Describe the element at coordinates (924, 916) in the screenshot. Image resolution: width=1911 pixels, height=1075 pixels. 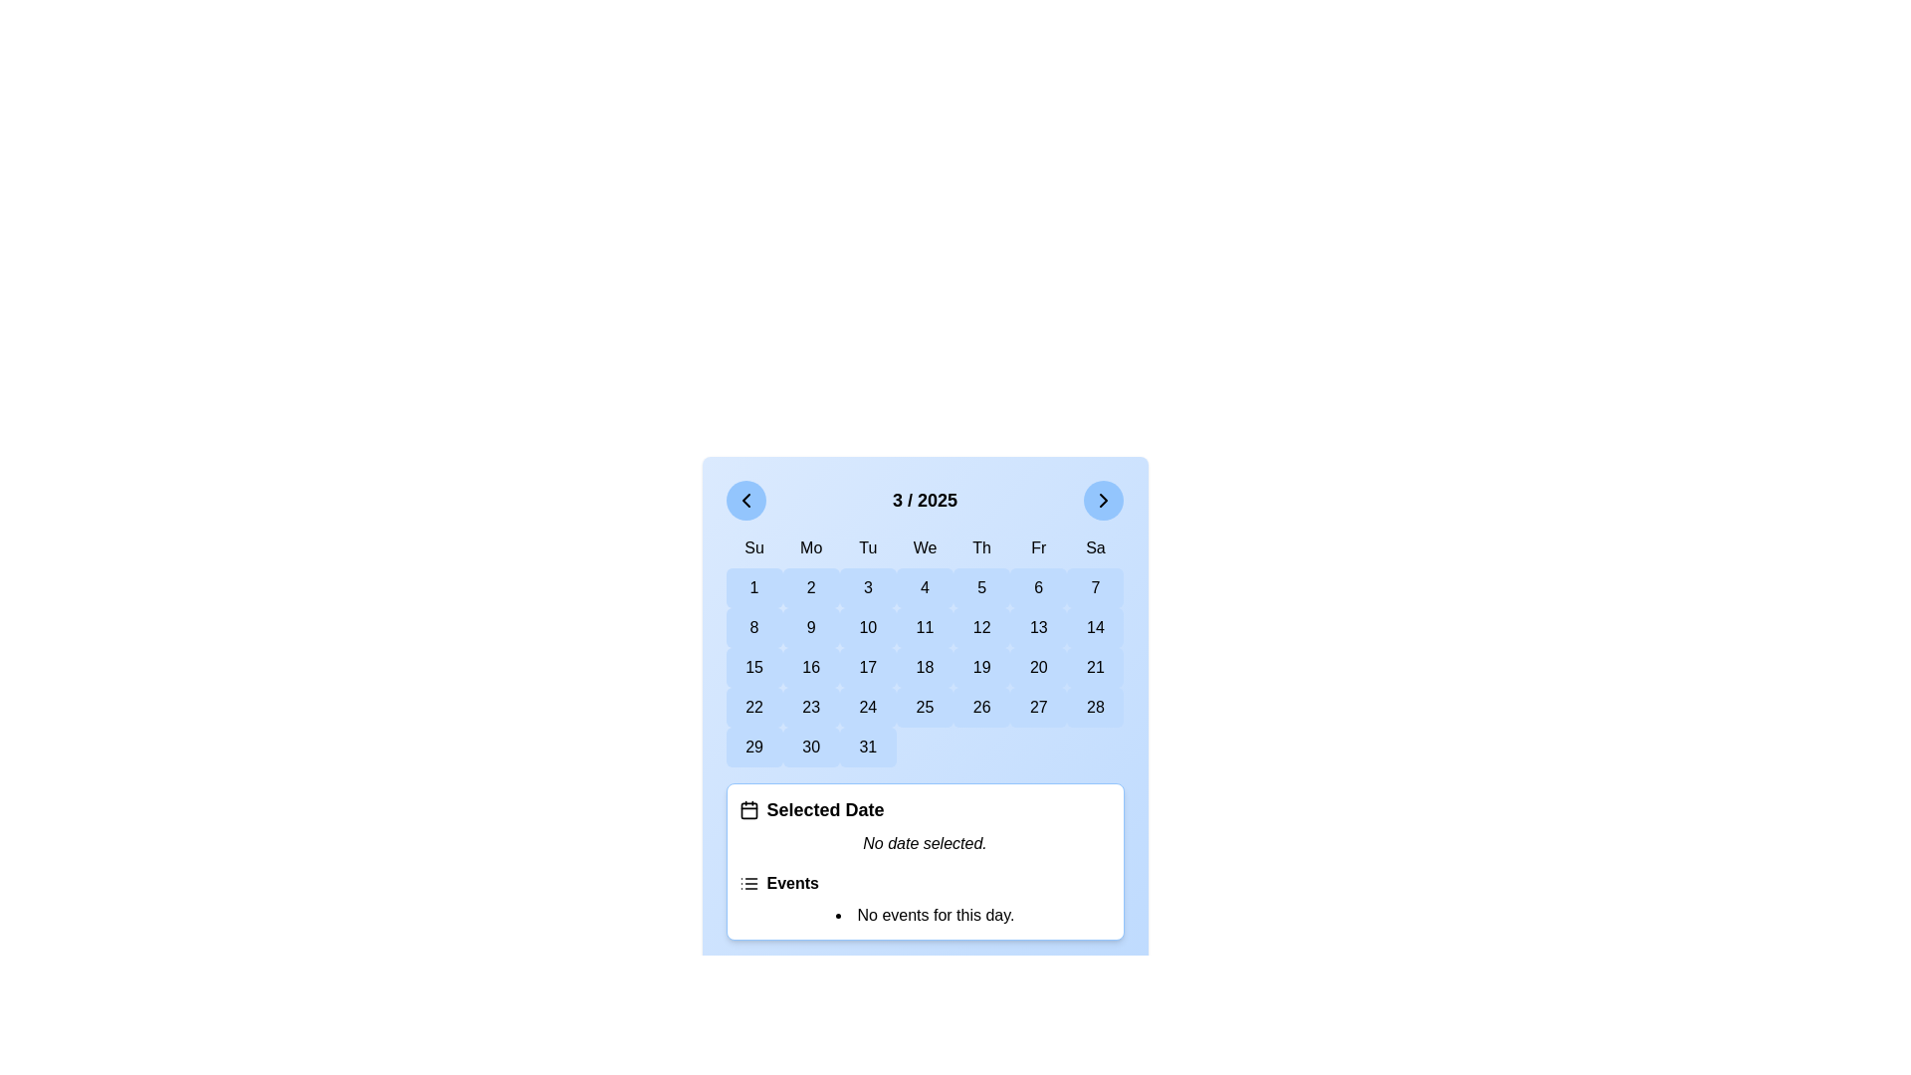
I see `the informational text label indicating no events are scheduled for the selected day, located at the bottom of the 'Events' section` at that location.